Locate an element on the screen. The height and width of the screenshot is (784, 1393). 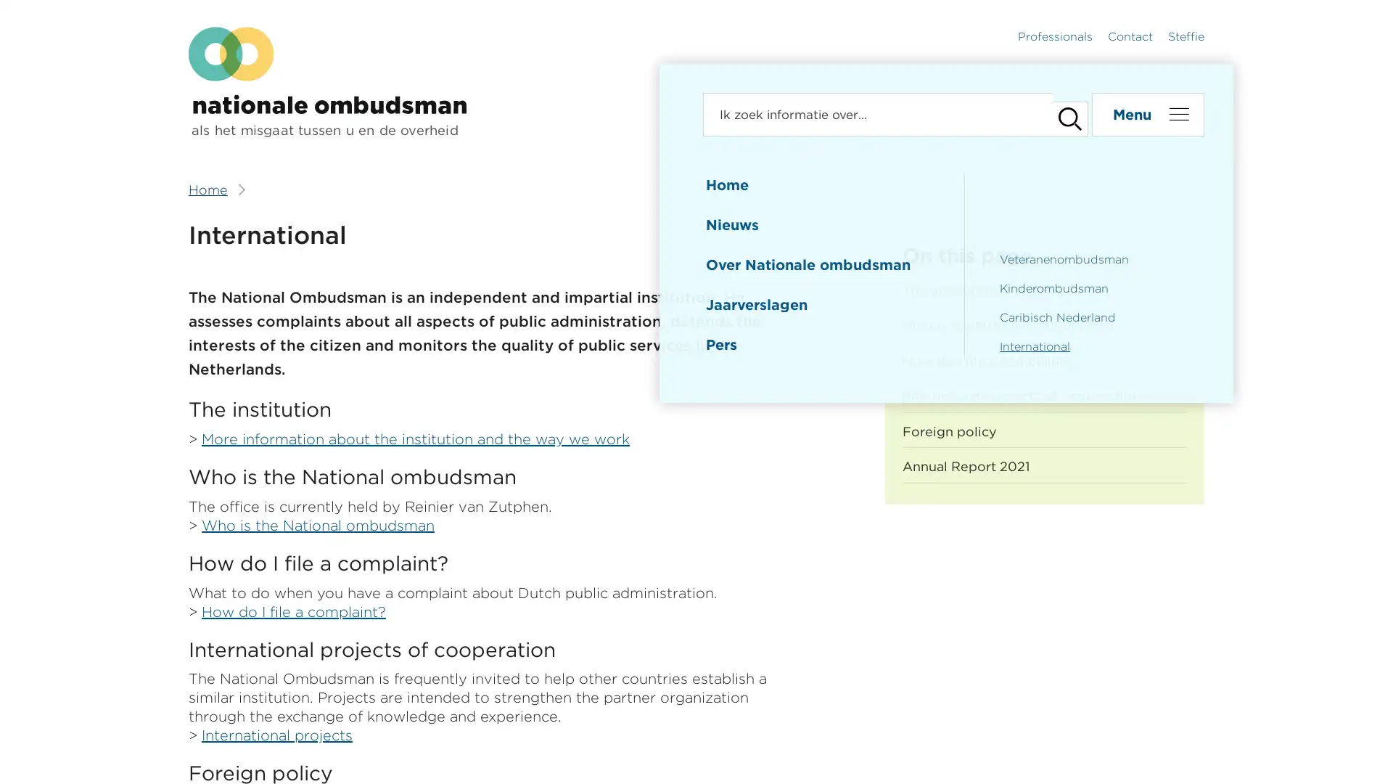
Zoeken is located at coordinates (1062, 114).